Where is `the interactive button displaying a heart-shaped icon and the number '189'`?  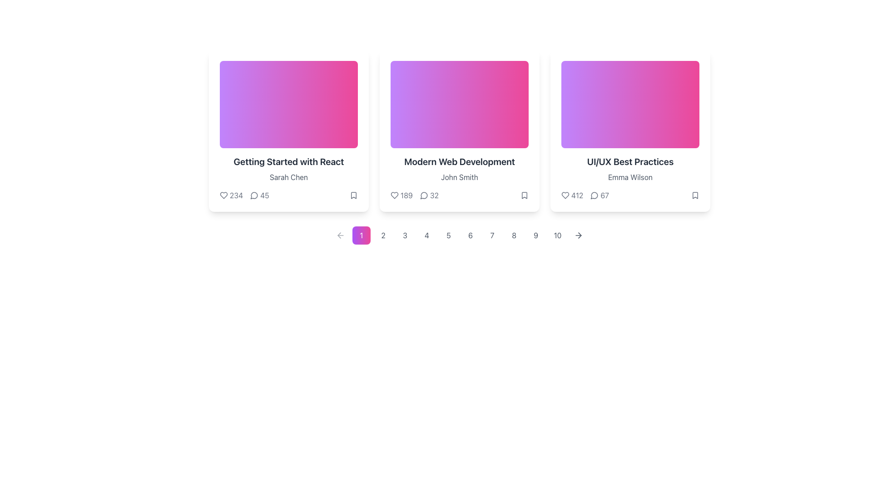 the interactive button displaying a heart-shaped icon and the number '189' is located at coordinates (401, 195).